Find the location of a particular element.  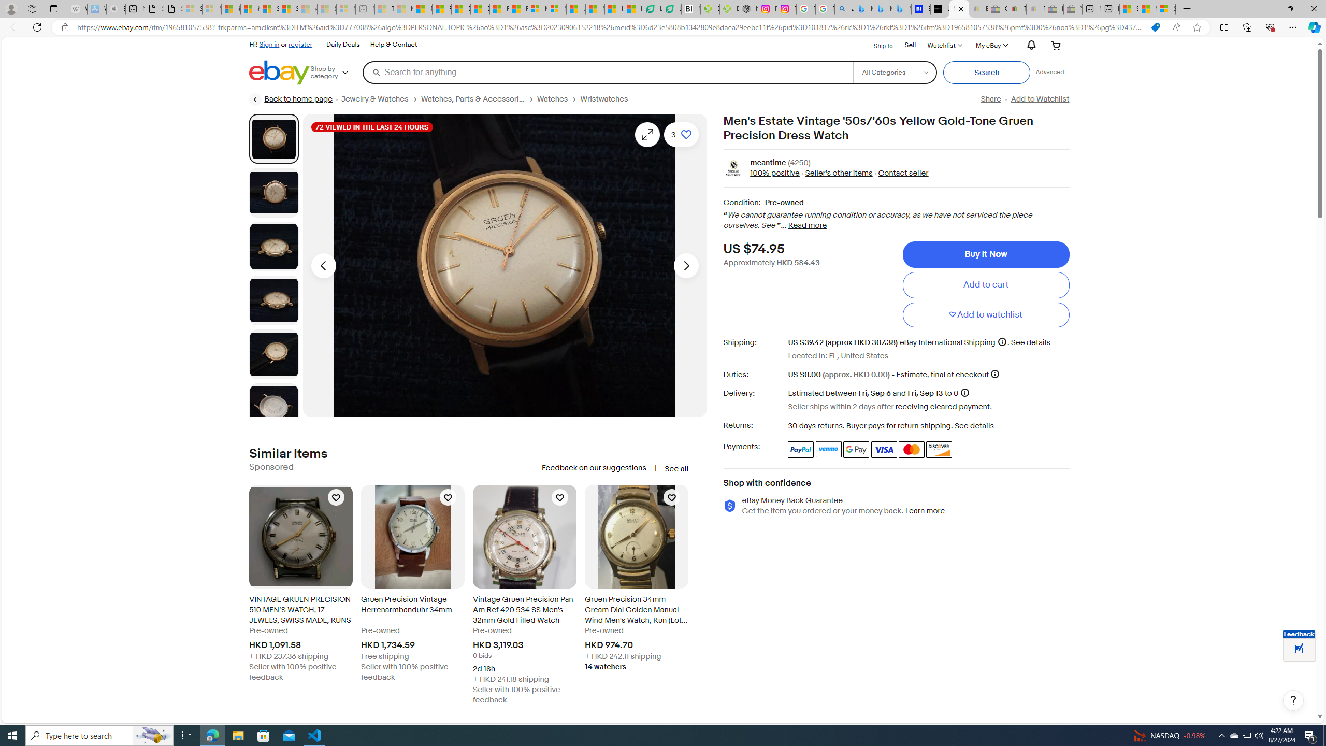

'WatchlistExpand Watch List' is located at coordinates (944, 45).